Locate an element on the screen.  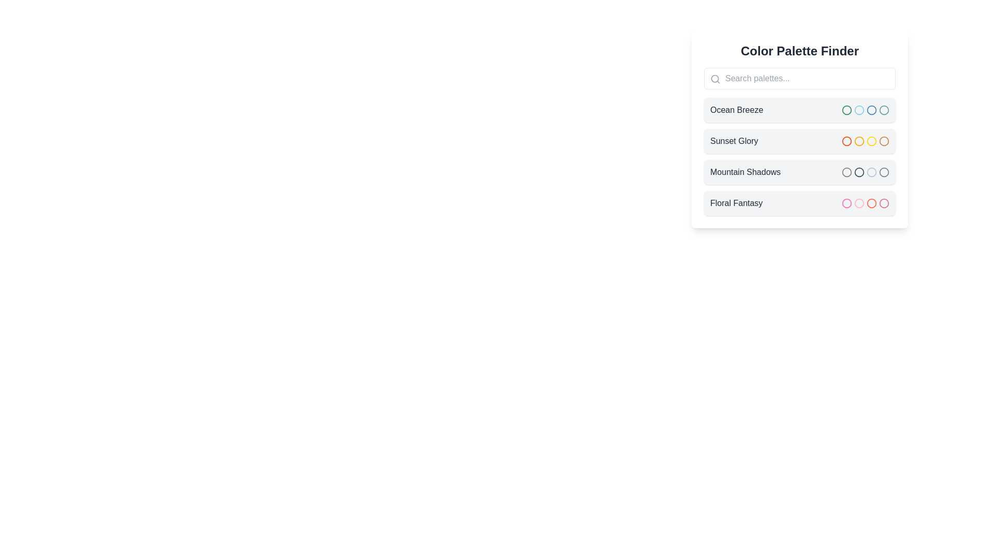
the second circle in the 'Floral Fantasy' palette is located at coordinates (859, 203).